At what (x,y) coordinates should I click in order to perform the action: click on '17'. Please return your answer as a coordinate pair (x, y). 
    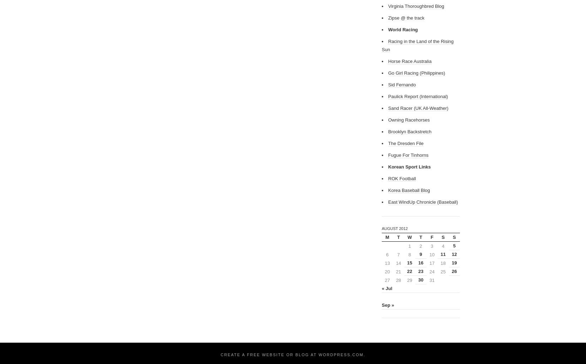
    Looking at the image, I should click on (432, 262).